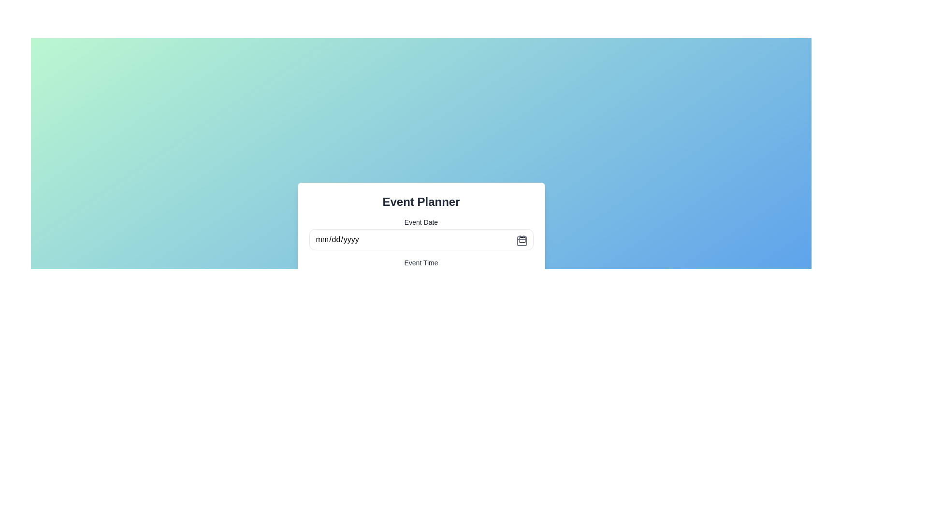 The width and height of the screenshot is (928, 522). I want to click on the text label that displays 'Event Date', which is positioned above a text input field and near the center of the page, so click(421, 222).